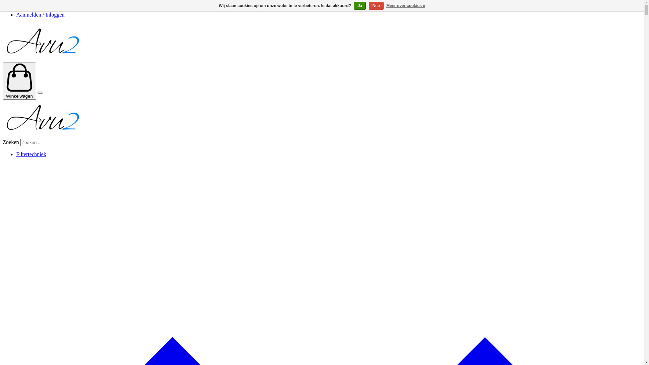  What do you see at coordinates (376, 5) in the screenshot?
I see `'Nee'` at bounding box center [376, 5].